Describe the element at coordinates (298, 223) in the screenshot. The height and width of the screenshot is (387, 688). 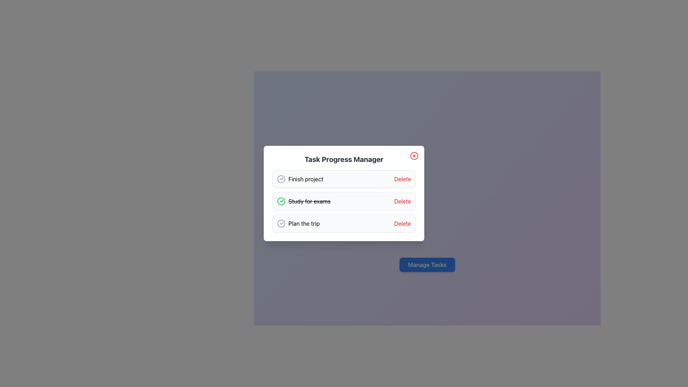
I see `the task entry labeled 'Plan the trip', which is the third entry in a vertically stacked list, featuring a circular grayish icon with a check mark and black bolded text` at that location.